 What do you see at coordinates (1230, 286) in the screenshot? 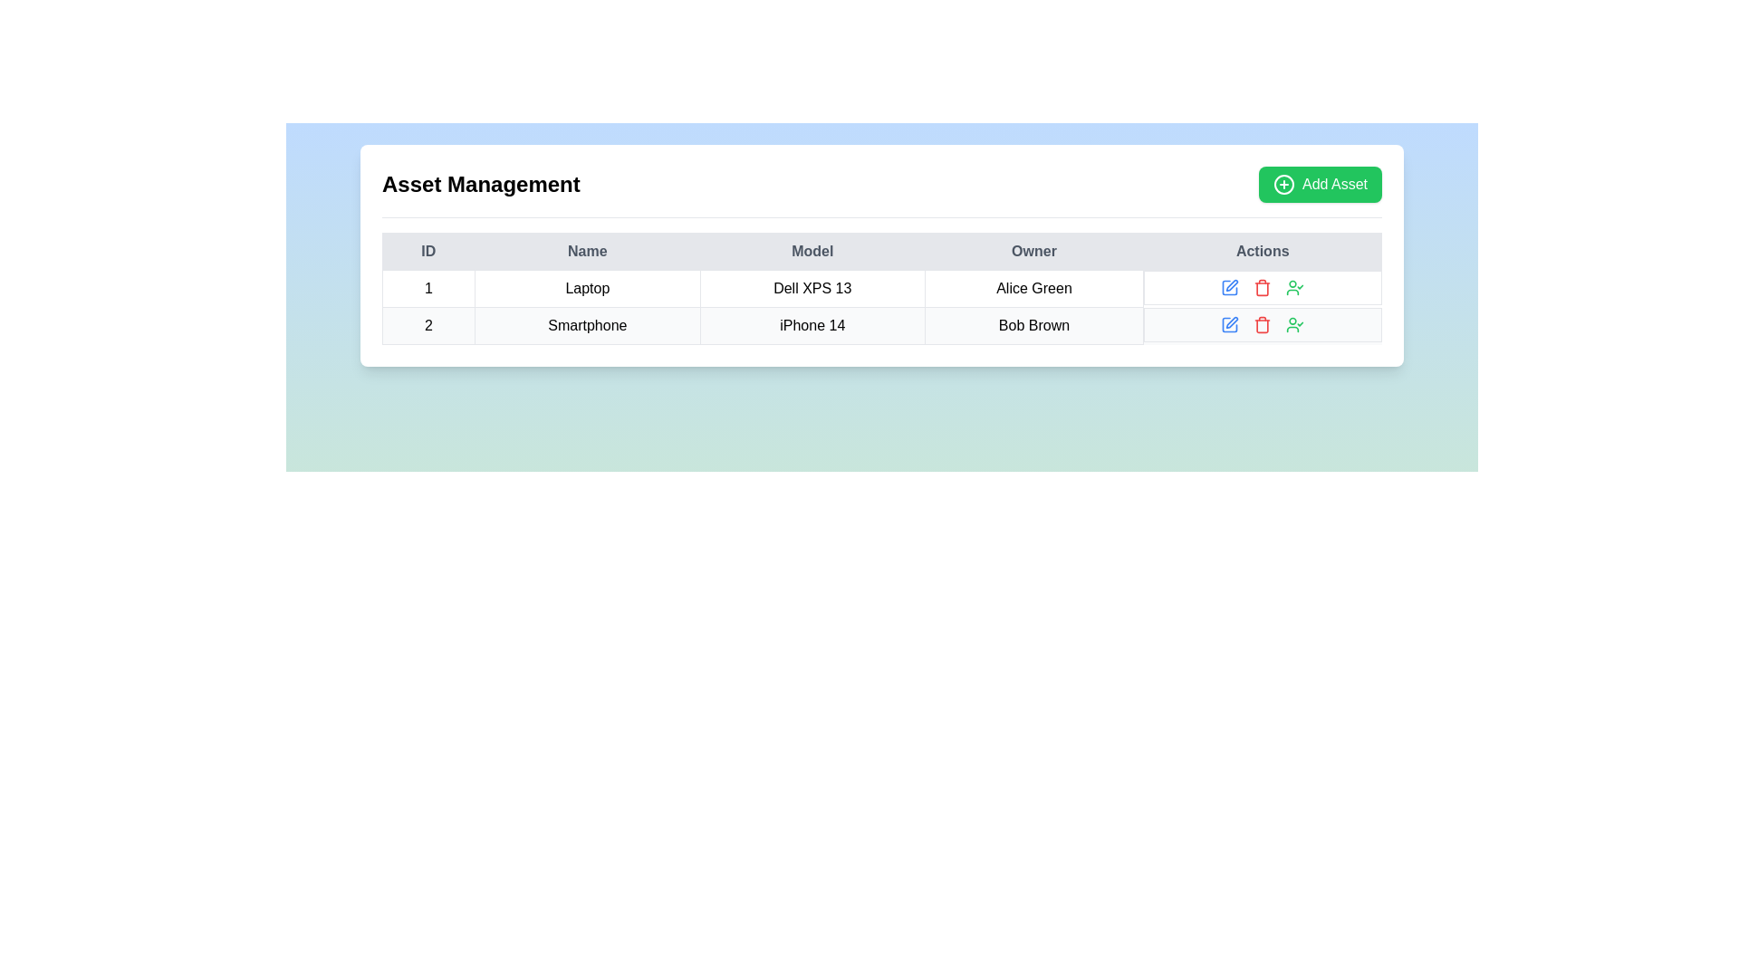
I see `the edit icon button in the 'Actions' column of the table for user 'Alice Green' to initiate editing of the corresponding row` at bounding box center [1230, 286].